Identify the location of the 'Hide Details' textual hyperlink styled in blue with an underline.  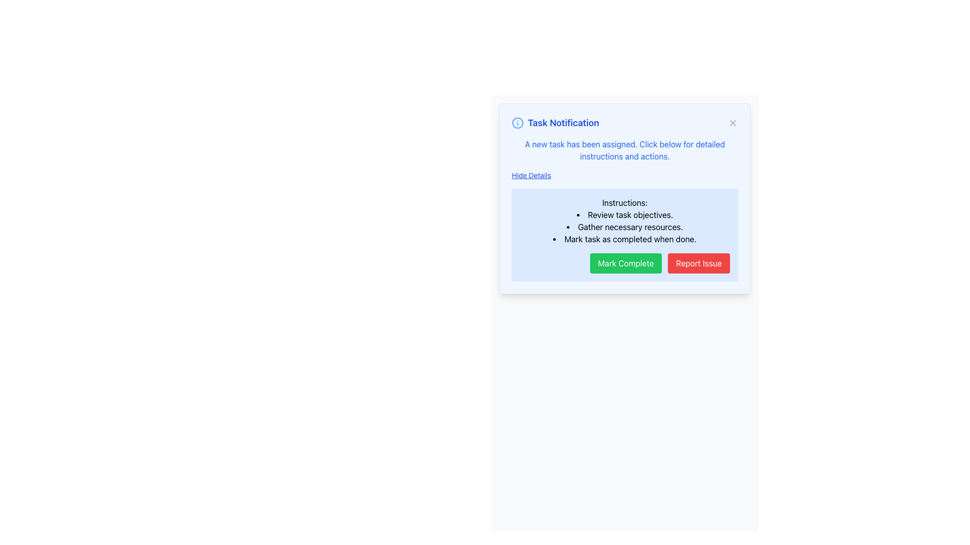
(530, 175).